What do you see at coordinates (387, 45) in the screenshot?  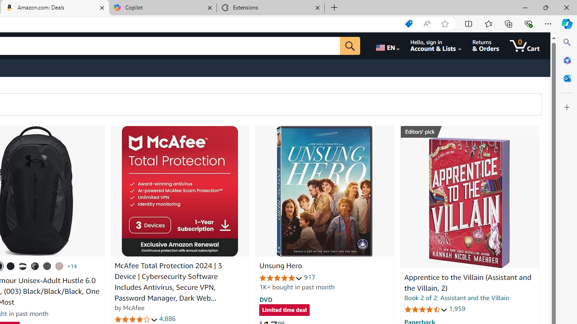 I see `'Choose a language for shopping.'` at bounding box center [387, 45].